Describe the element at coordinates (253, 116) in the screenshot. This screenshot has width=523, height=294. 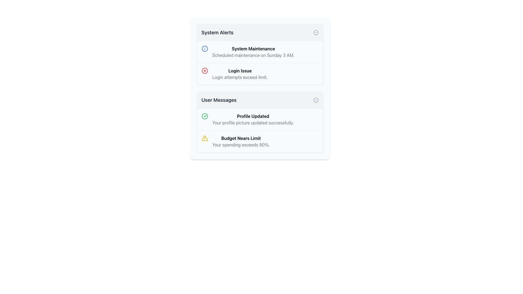
I see `text label that displays 'Profile Updated' in the second notification card under 'User Messages', which is styled in bold and indicates a successful update with a green checkmark icon to its left` at that location.